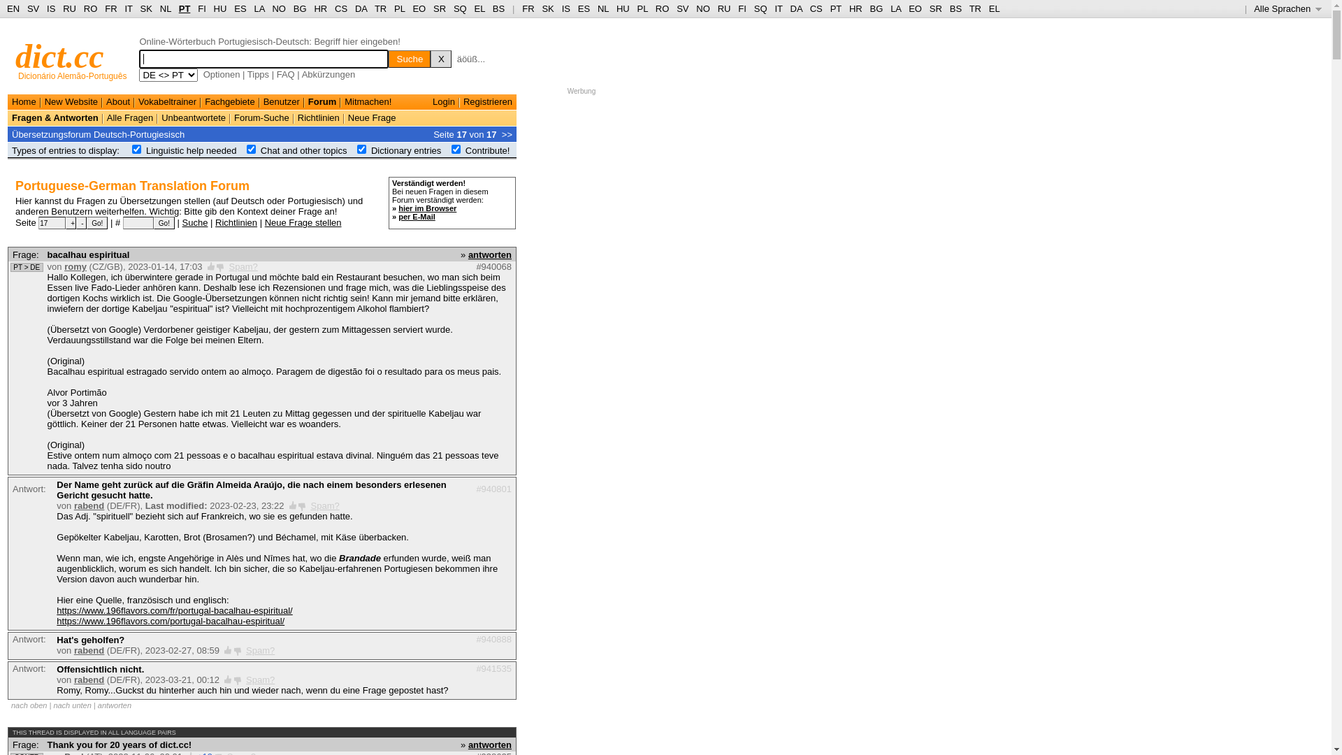  Describe the element at coordinates (96, 222) in the screenshot. I see `'Go!'` at that location.